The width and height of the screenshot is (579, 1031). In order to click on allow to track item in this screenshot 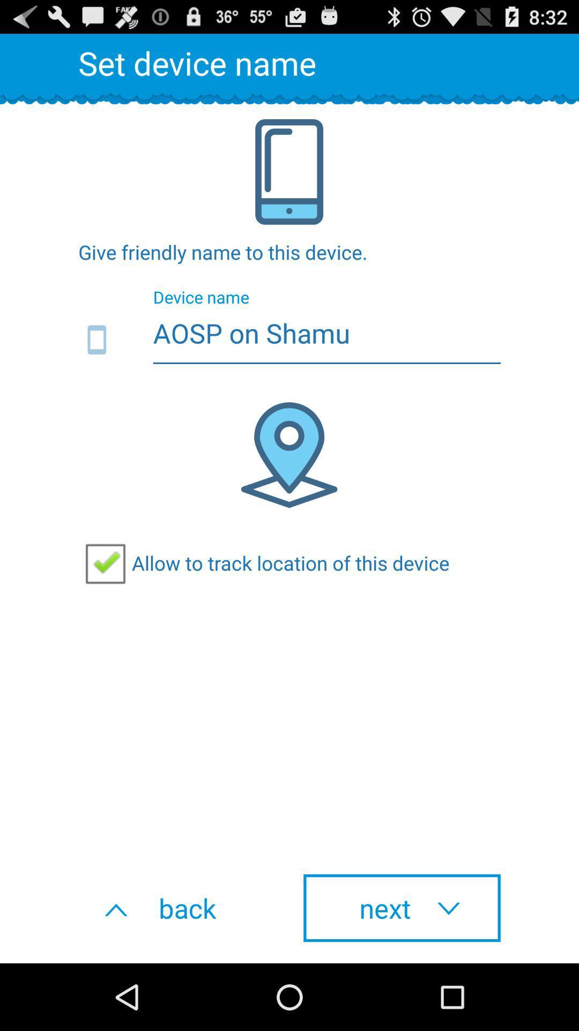, I will do `click(264, 562)`.